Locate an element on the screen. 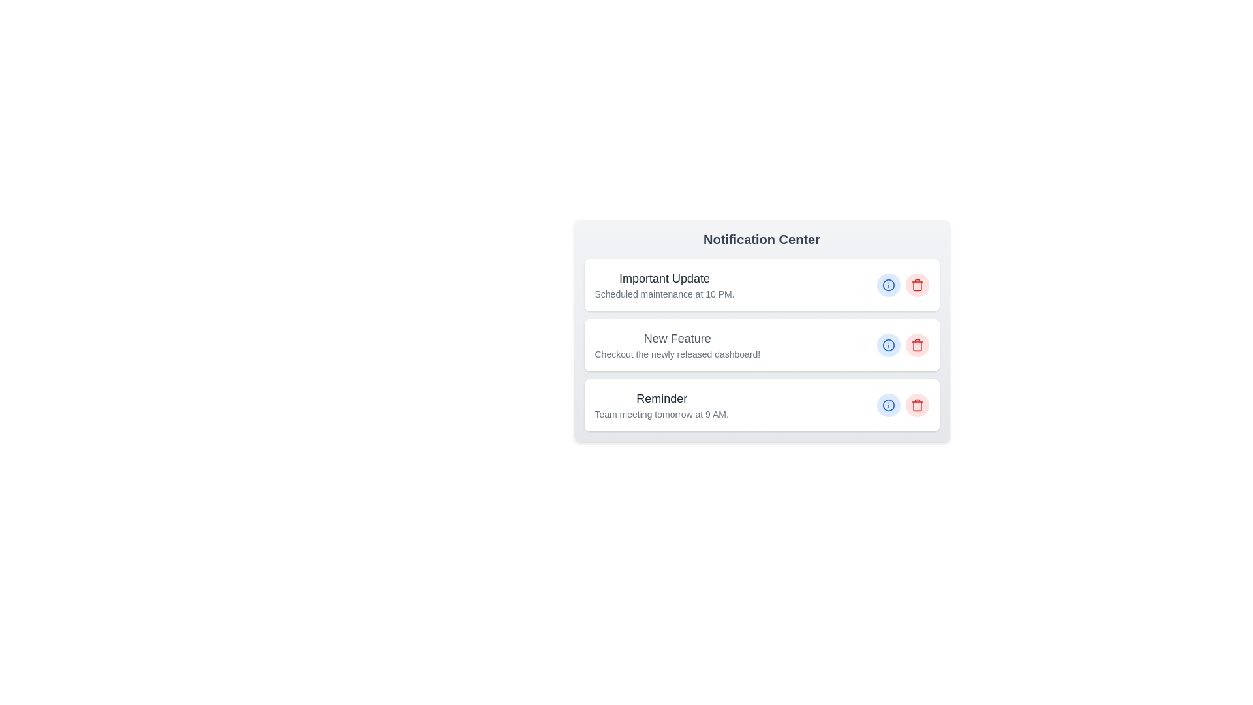 Image resolution: width=1253 pixels, height=705 pixels. the item with title Important Update is located at coordinates (762, 284).